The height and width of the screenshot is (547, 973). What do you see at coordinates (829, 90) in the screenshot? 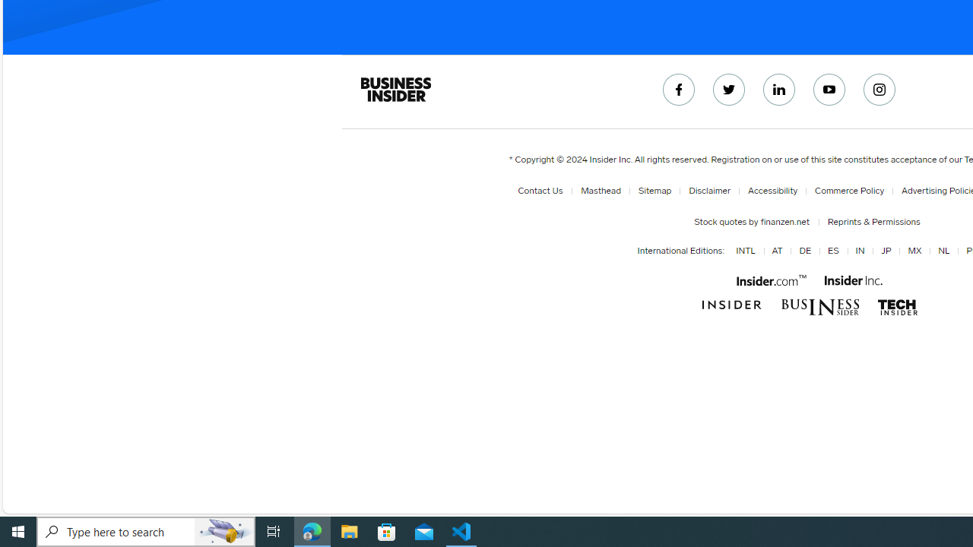
I see `'Click to visit our YouTube channel'` at bounding box center [829, 90].